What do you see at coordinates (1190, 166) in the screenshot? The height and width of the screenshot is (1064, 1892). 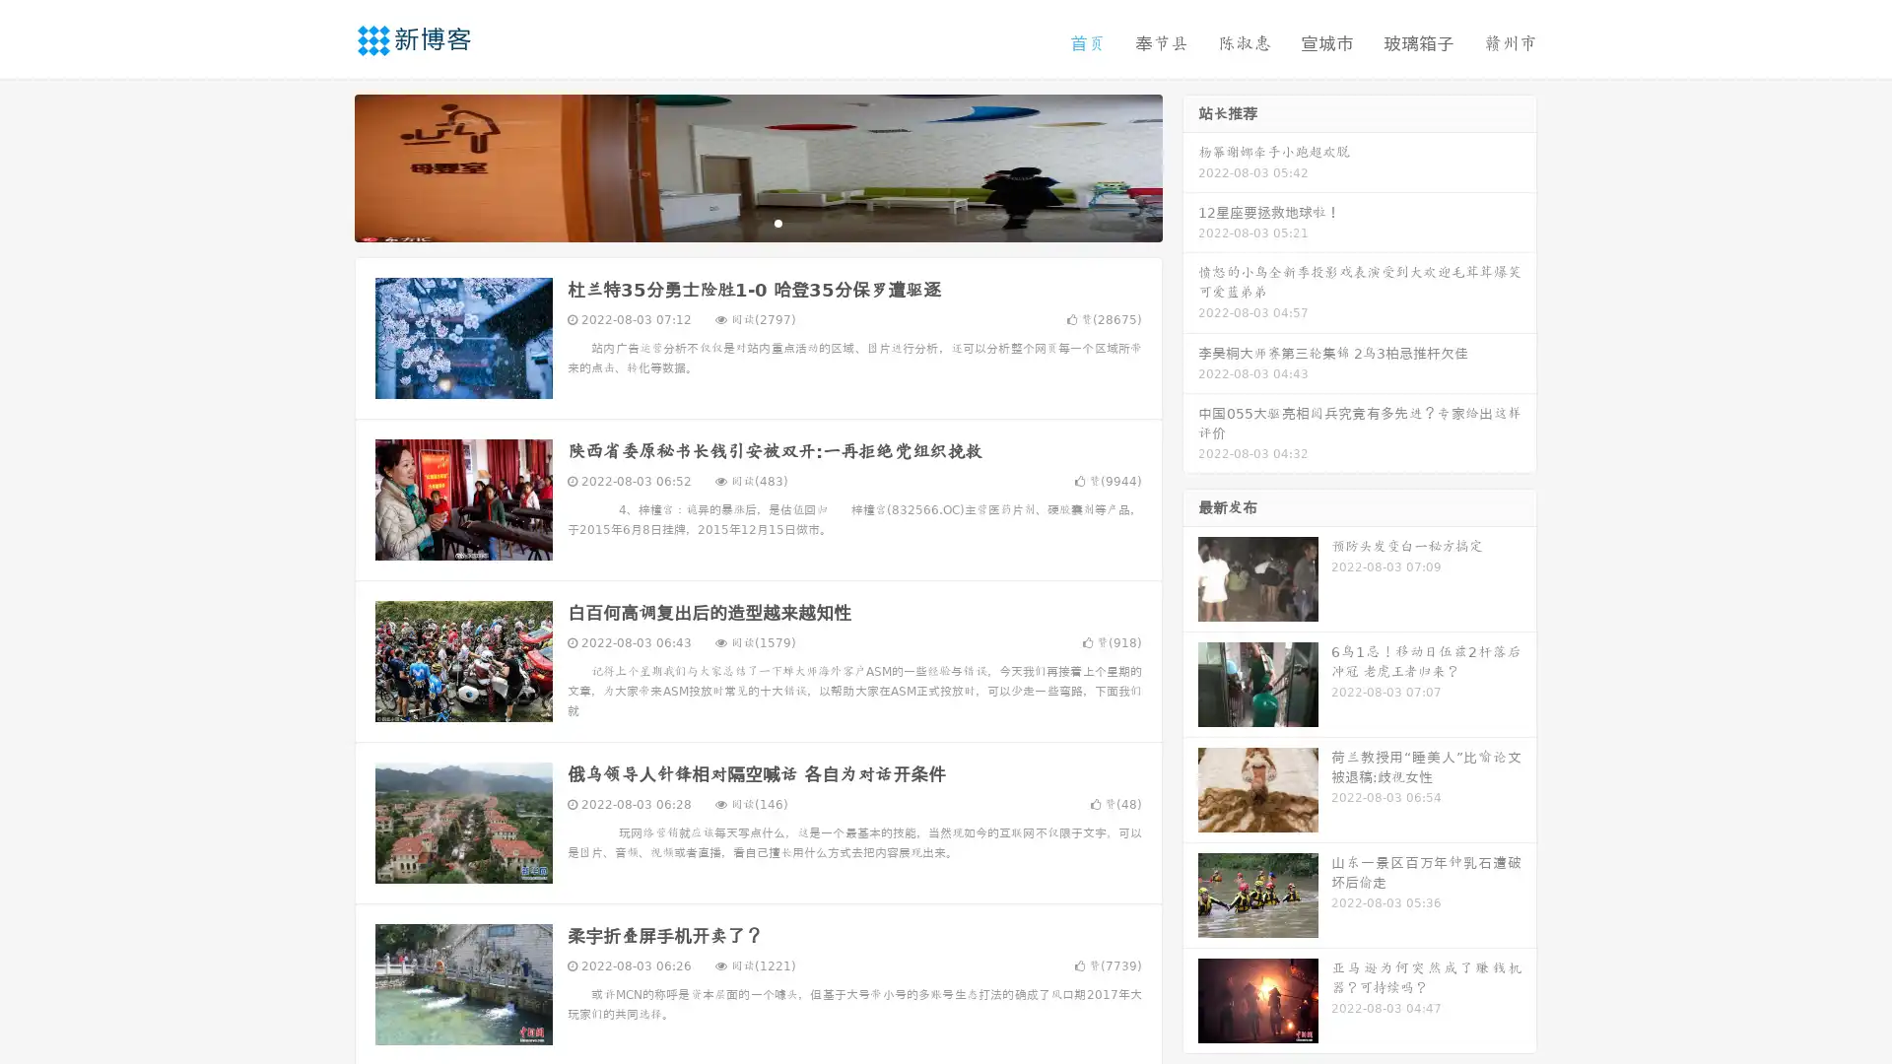 I see `Next slide` at bounding box center [1190, 166].